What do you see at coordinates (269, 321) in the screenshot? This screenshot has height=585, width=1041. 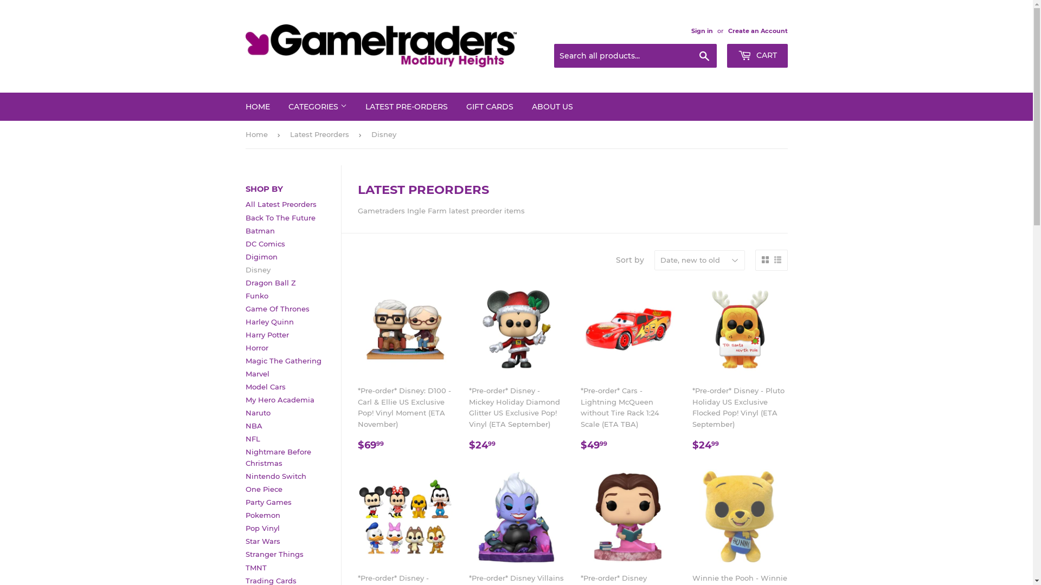 I see `'Harley Quinn'` at bounding box center [269, 321].